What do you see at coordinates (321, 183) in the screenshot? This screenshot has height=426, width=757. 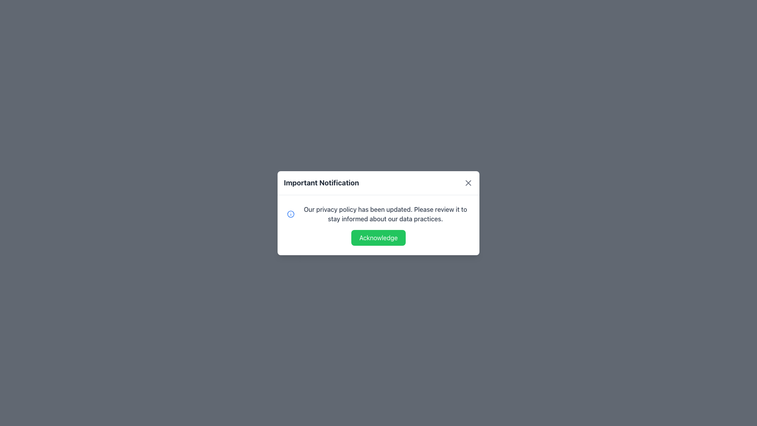 I see `text of the heading located at the top-left corner of the modal, which serves as an important notification for the user` at bounding box center [321, 183].